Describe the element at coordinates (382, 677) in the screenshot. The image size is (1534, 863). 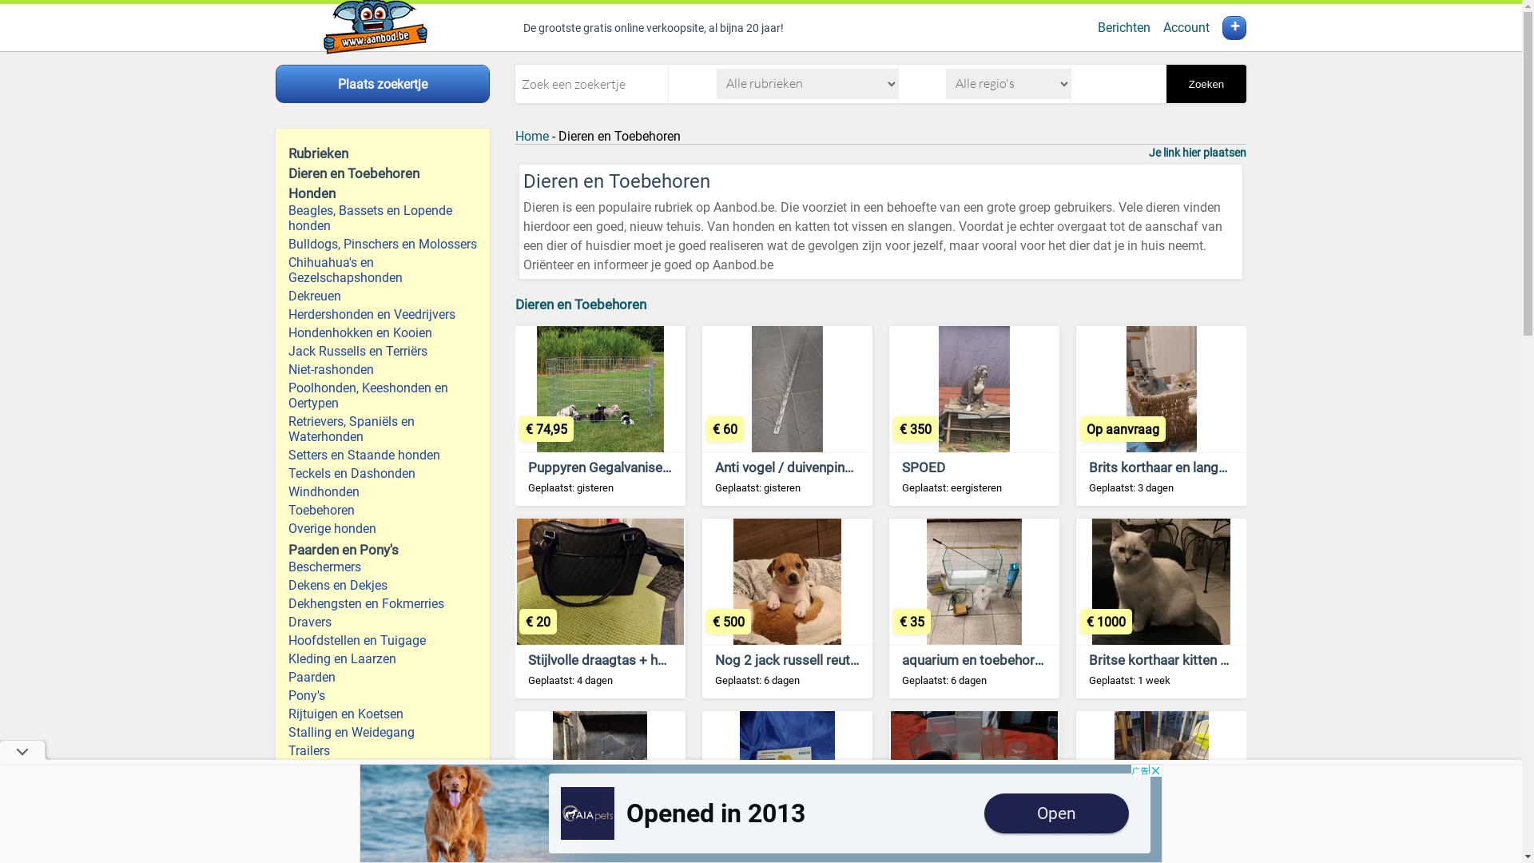
I see `'Paarden'` at that location.